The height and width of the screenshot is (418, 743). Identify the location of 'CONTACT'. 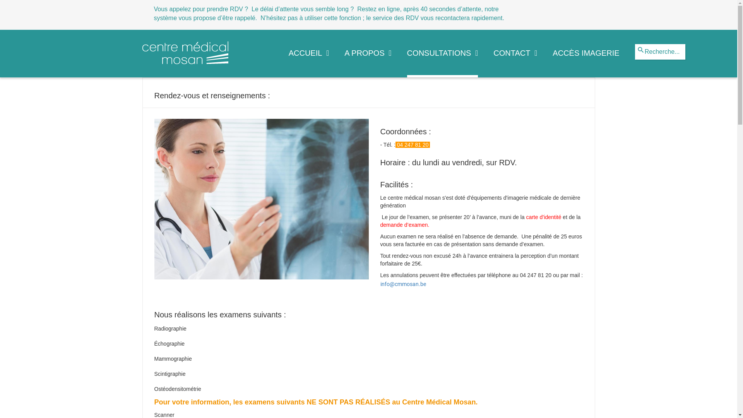
(515, 60).